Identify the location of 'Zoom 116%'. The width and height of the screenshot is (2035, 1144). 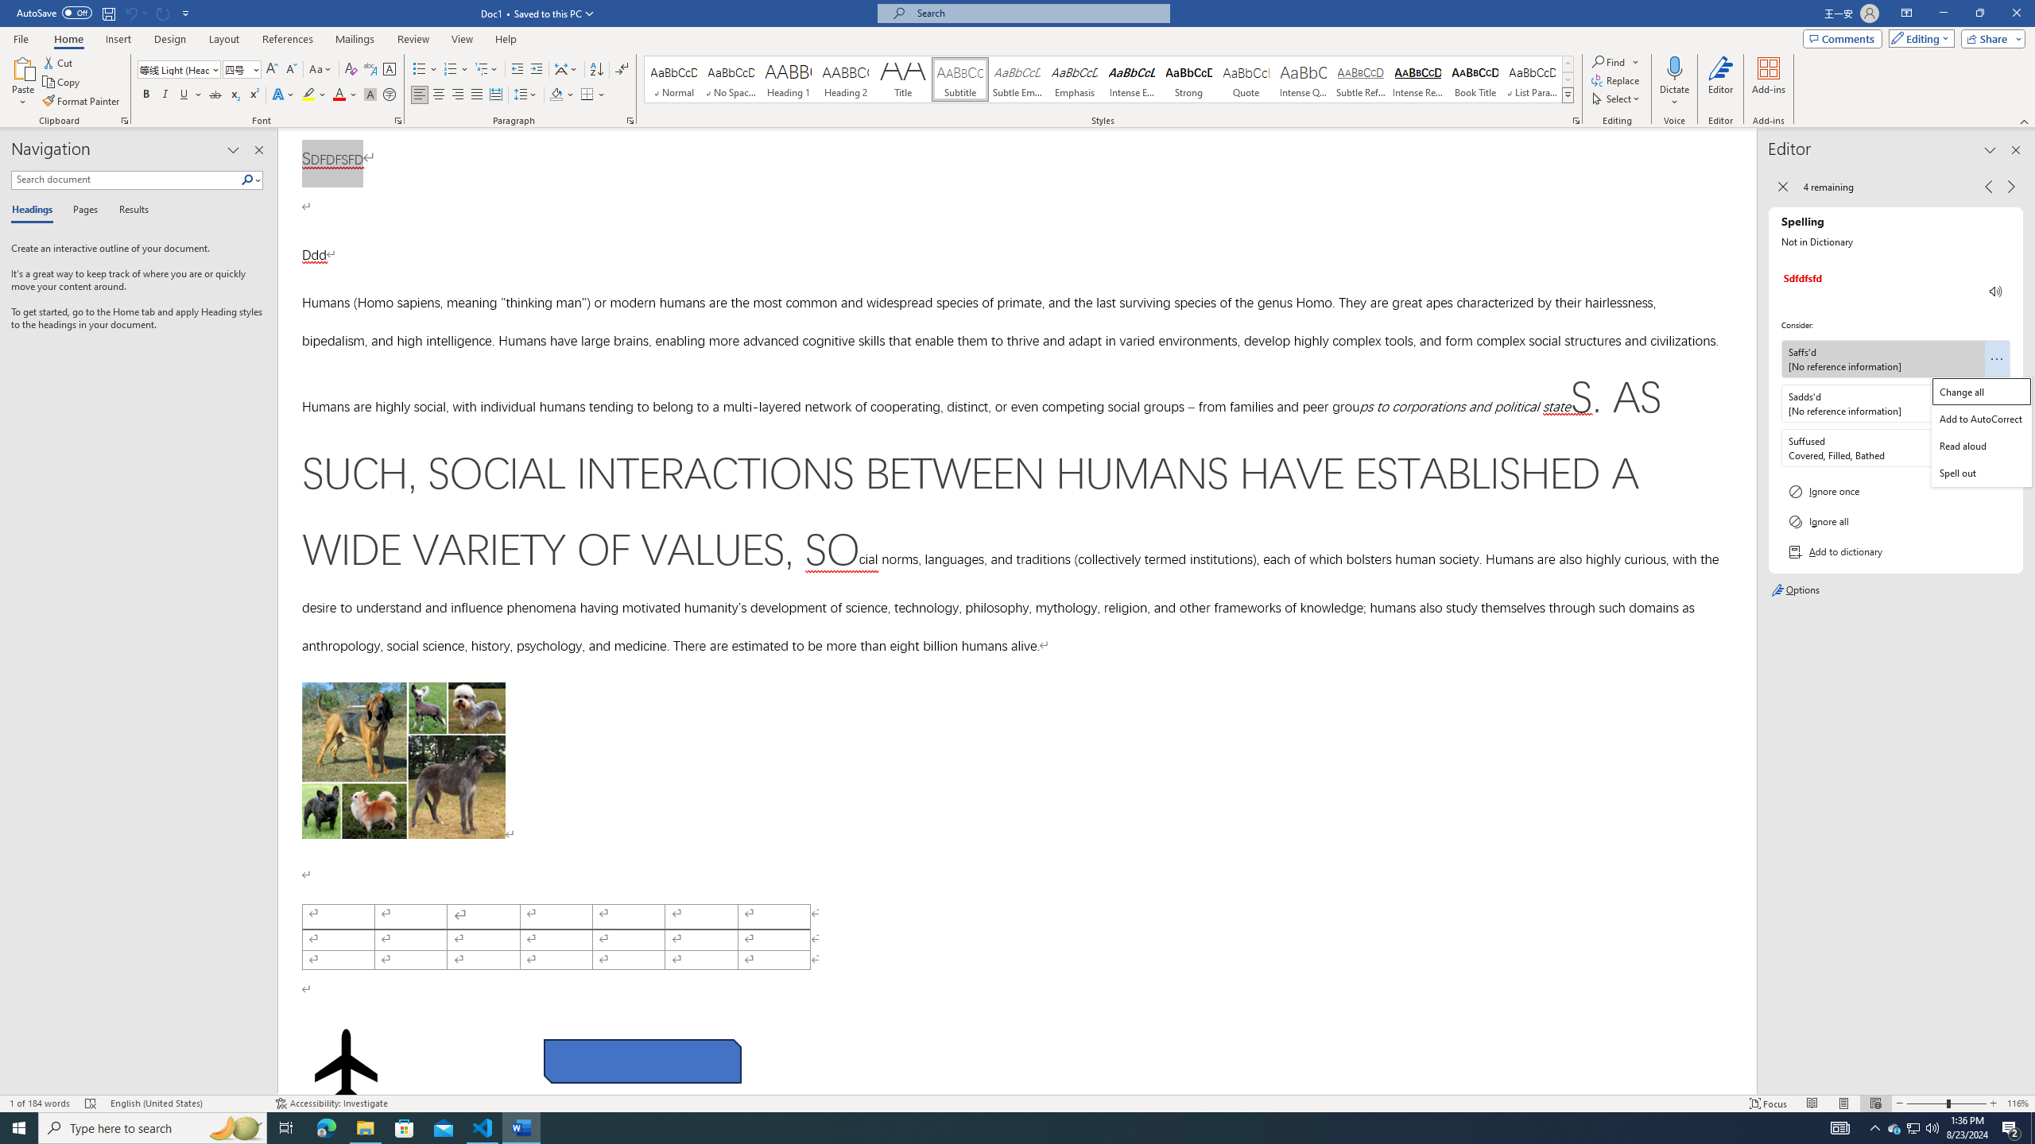
(2017, 1103).